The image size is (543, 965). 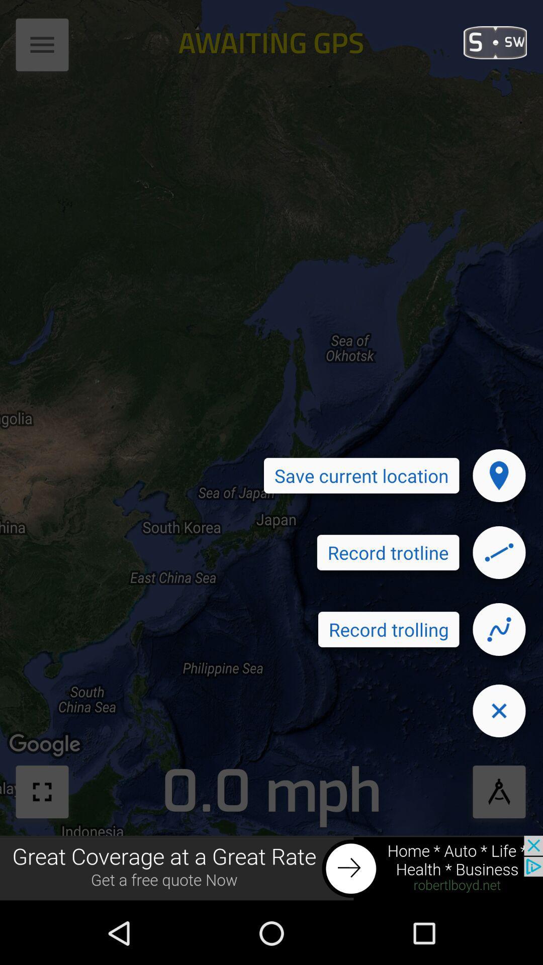 What do you see at coordinates (499, 475) in the screenshot?
I see `for the location` at bounding box center [499, 475].